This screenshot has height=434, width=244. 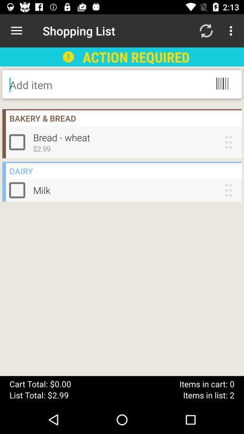 What do you see at coordinates (19, 189) in the screenshot?
I see `shopping list item` at bounding box center [19, 189].